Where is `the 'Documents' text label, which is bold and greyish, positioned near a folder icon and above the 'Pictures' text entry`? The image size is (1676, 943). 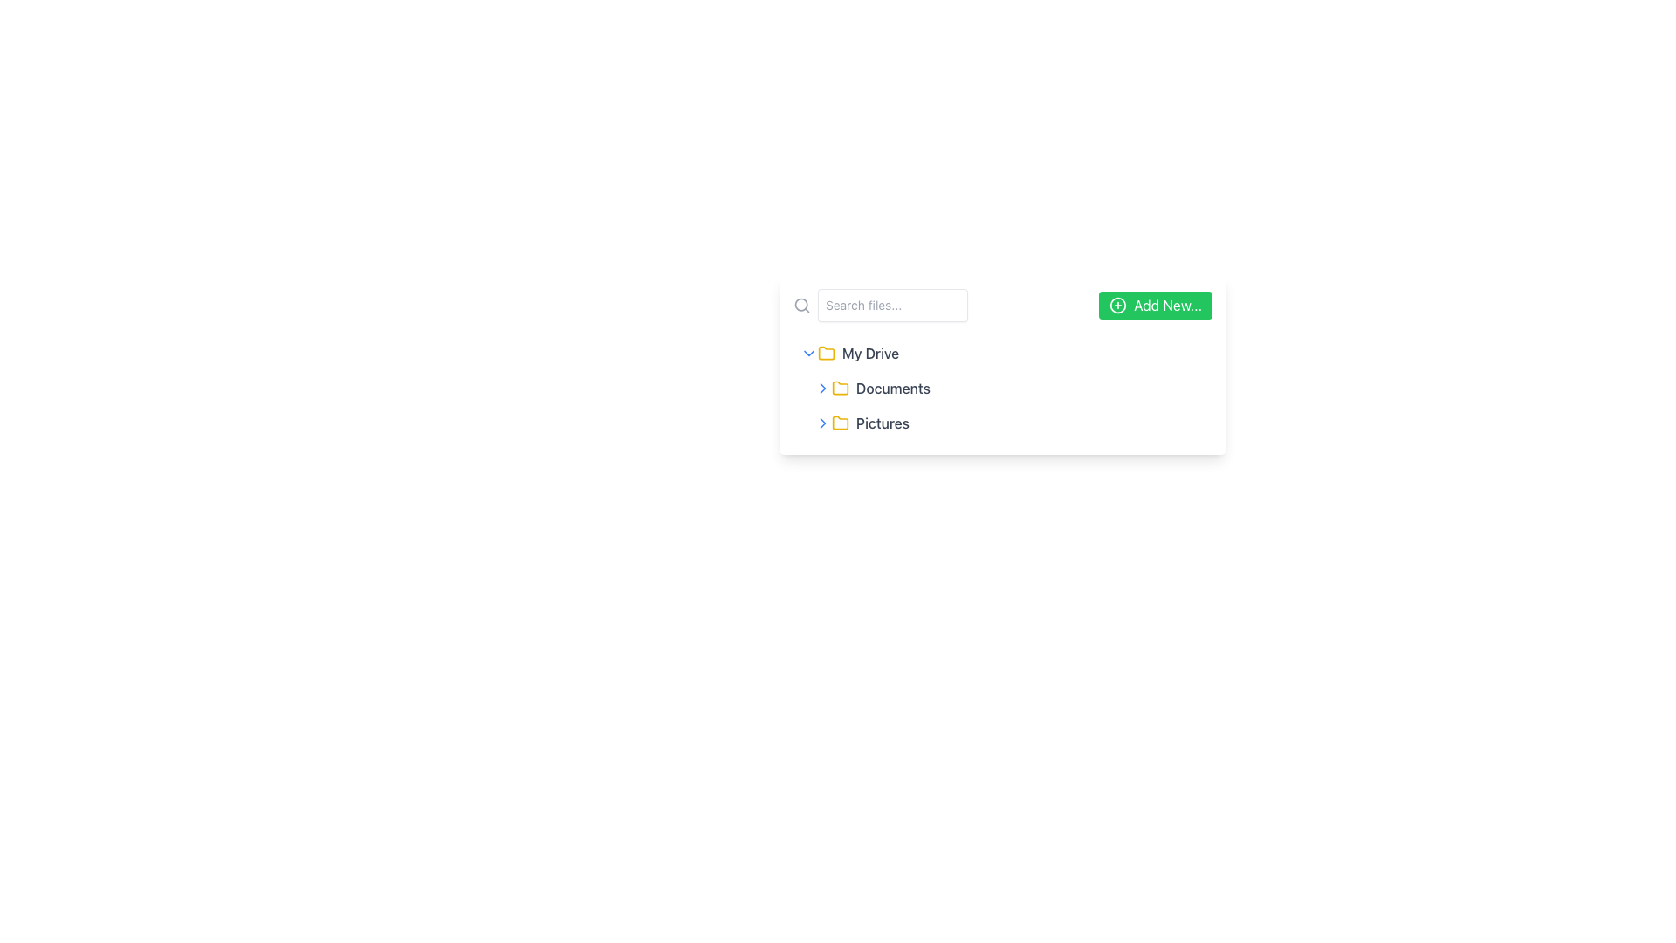 the 'Documents' text label, which is bold and greyish, positioned near a folder icon and above the 'Pictures' text entry is located at coordinates (893, 387).